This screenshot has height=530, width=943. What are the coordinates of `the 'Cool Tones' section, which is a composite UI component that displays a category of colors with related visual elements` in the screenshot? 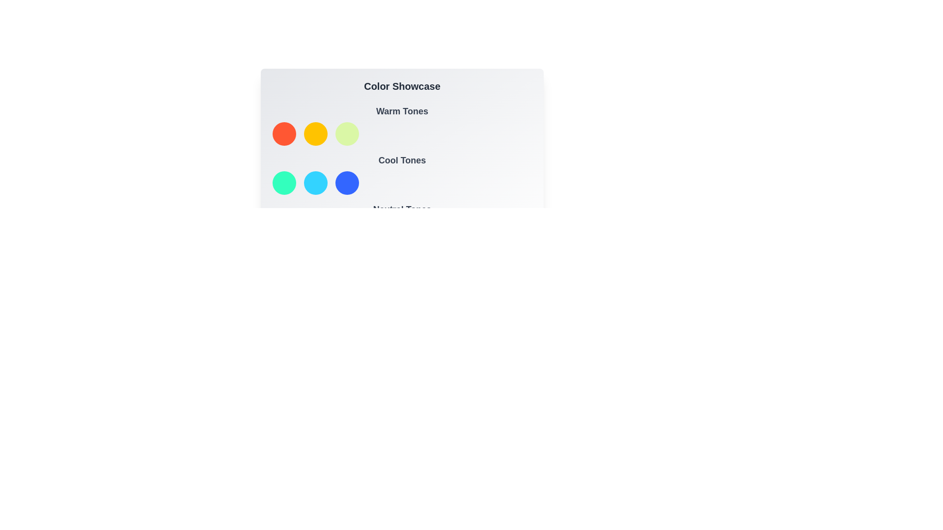 It's located at (402, 173).